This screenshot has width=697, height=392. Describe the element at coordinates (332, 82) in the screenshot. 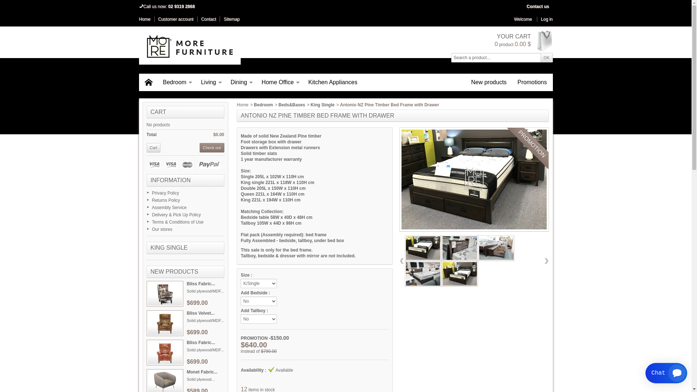

I see `'Kitchen Appliances'` at that location.